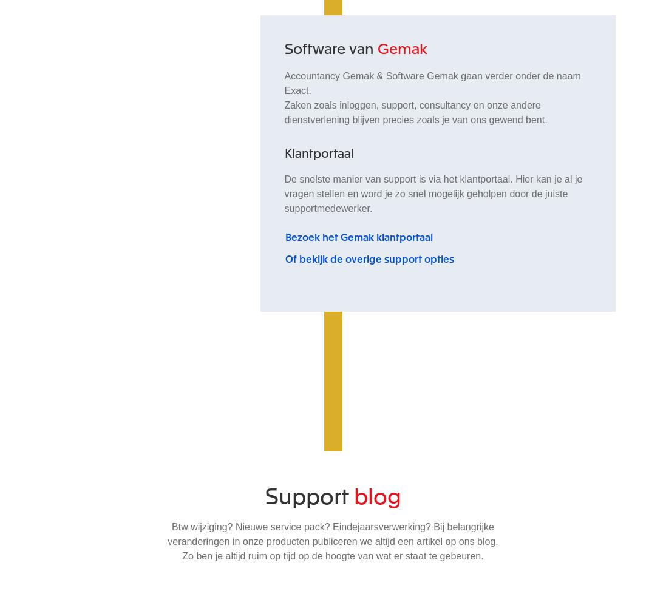  What do you see at coordinates (331, 541) in the screenshot?
I see `'Btw wijziging? Nieuwe service pack? Eindejaarsverwerking? Bij belangrijke veranderingen in onze producten publiceren we altijd een artikel op ons blog. Zo ben je altijd ruim op tijd op de hoogte van wat er staat te gebeuren.'` at bounding box center [331, 541].